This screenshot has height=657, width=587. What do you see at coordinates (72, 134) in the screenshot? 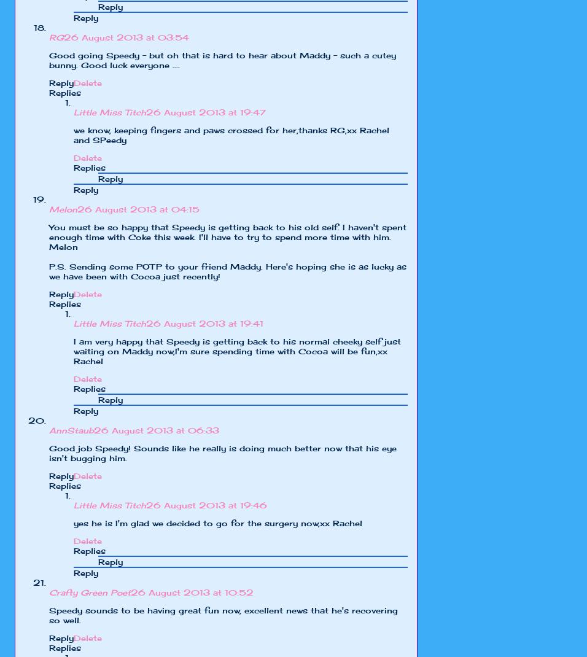
I see `'we know, keeping fingers and paws crossed for her,thanks RG,xx Rachel and SPeedy'` at bounding box center [72, 134].